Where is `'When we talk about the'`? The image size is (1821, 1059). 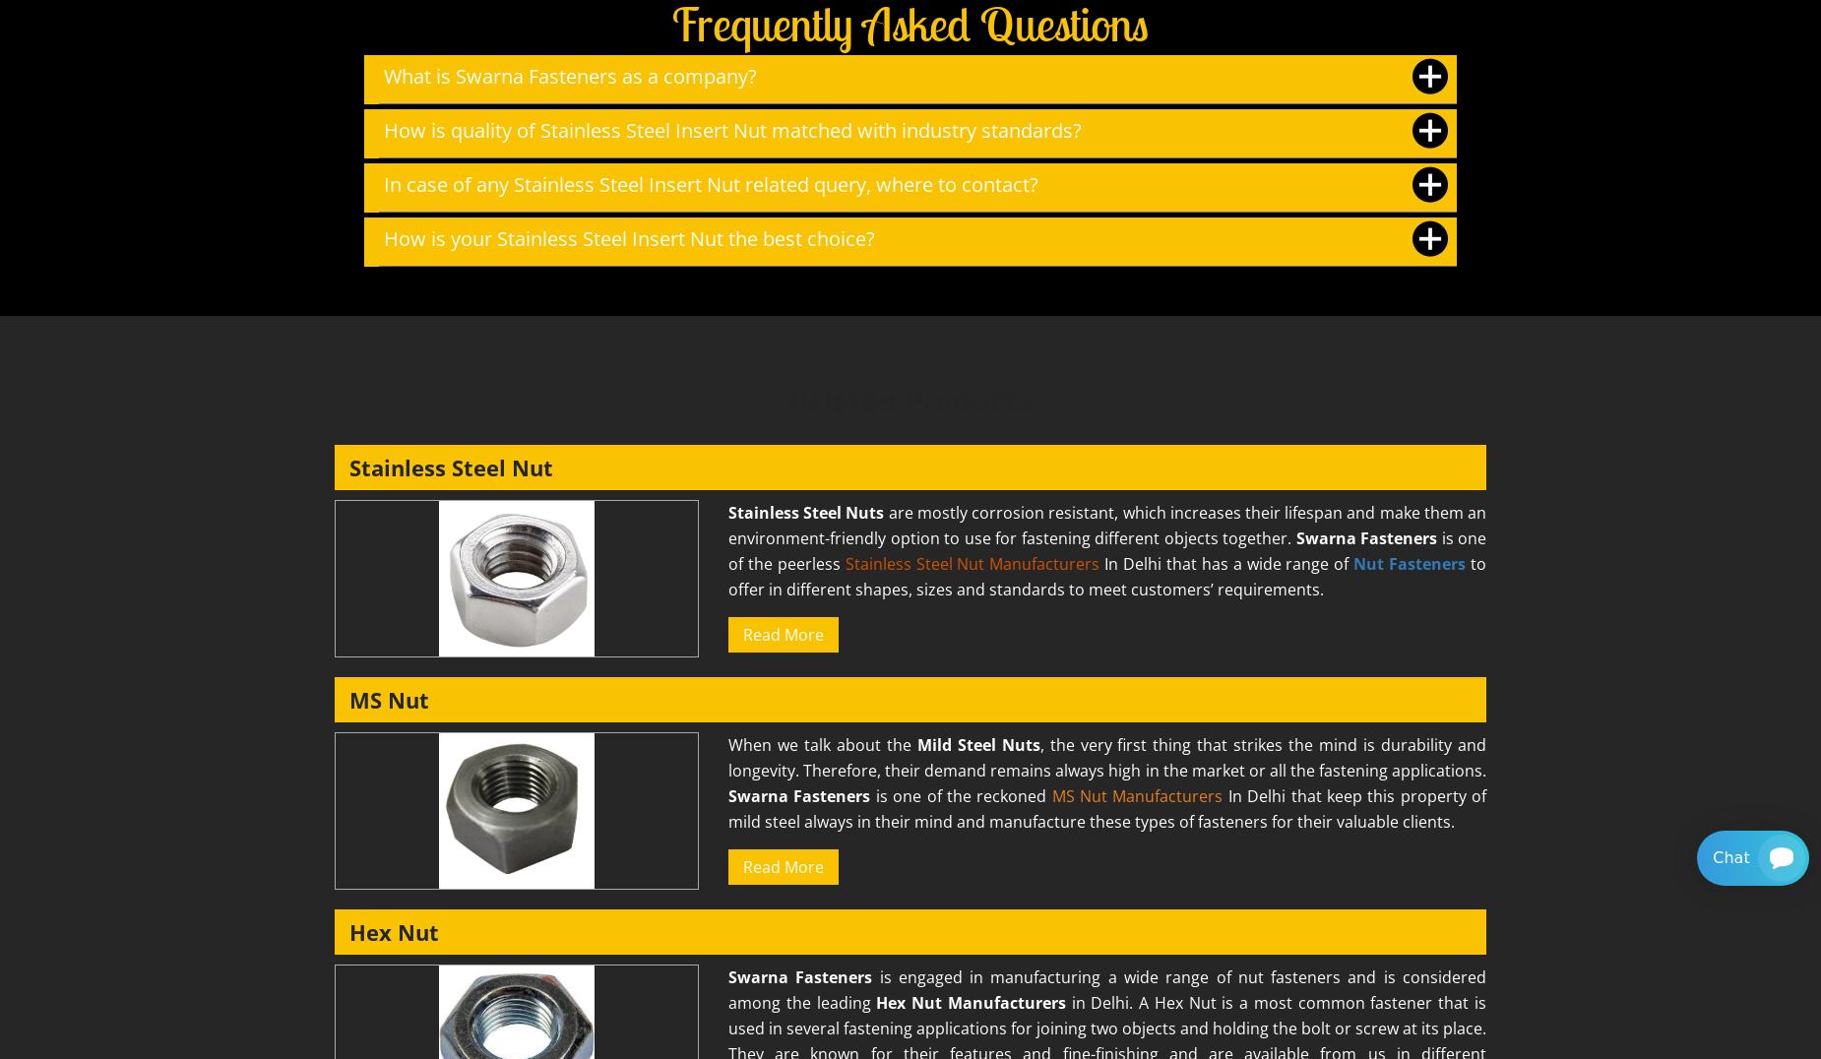
'When we talk about the' is located at coordinates (728, 743).